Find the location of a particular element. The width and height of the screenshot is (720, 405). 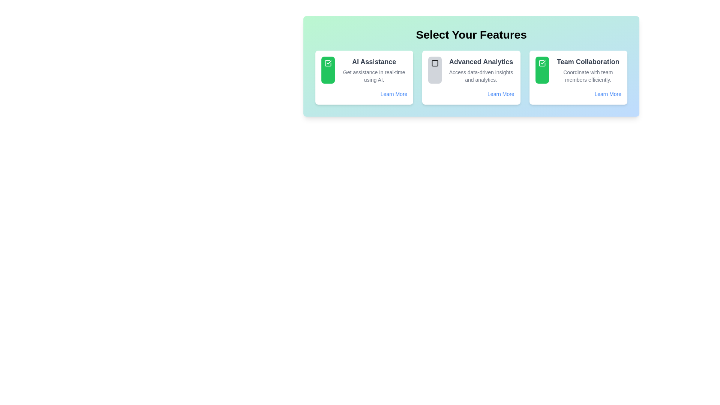

the Heading/Title text element for the 'AI Assistance' feature card, which is the topmost text in the leftmost card of a horizontally-arranged group of feature cards is located at coordinates (374, 61).